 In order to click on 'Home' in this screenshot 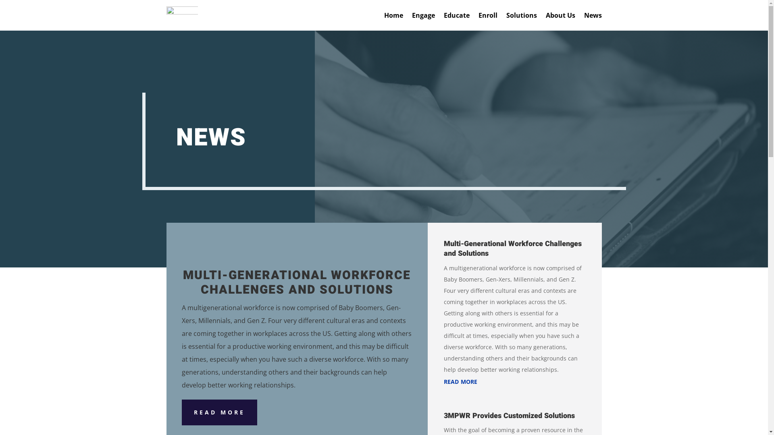, I will do `click(393, 15)`.